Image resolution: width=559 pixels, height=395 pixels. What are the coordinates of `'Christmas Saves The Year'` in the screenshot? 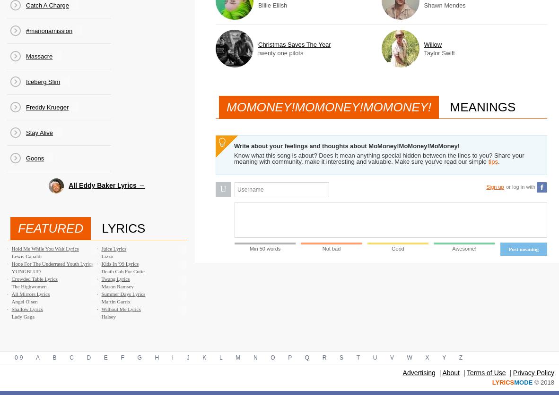 It's located at (294, 44).